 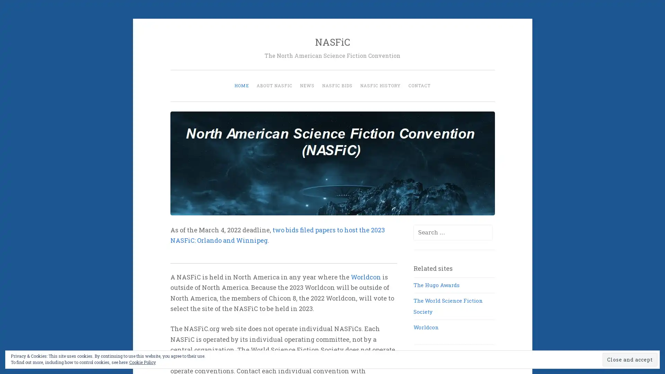 I want to click on Close and accept, so click(x=630, y=359).